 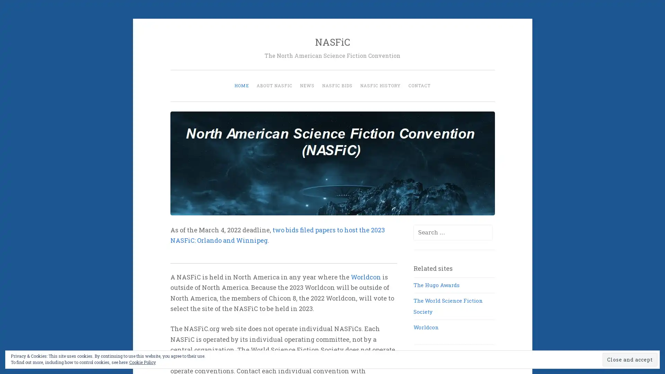 I want to click on Close and accept, so click(x=630, y=359).